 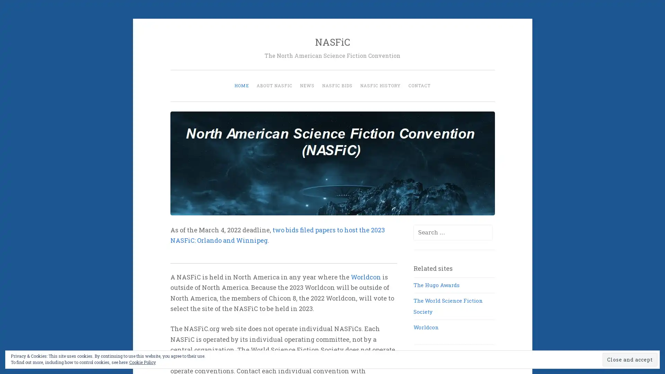 I want to click on Close and accept, so click(x=630, y=359).